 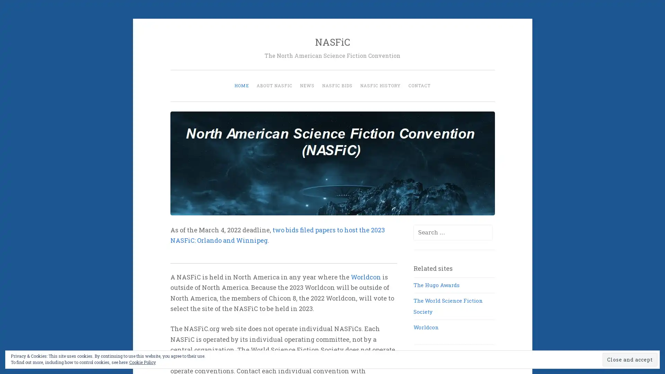 I want to click on Close and accept, so click(x=630, y=359).